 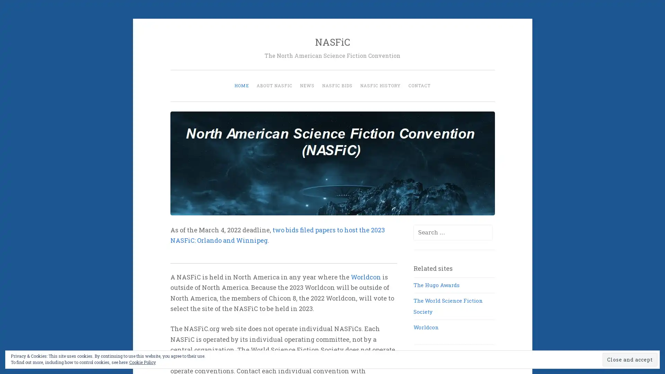 I want to click on Close and accept, so click(x=630, y=359).